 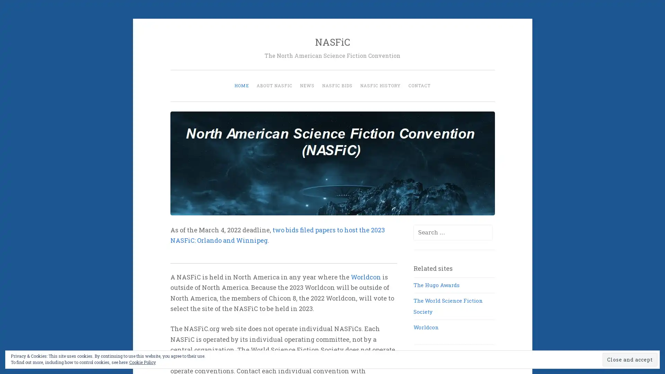 I want to click on Close and accept, so click(x=630, y=359).